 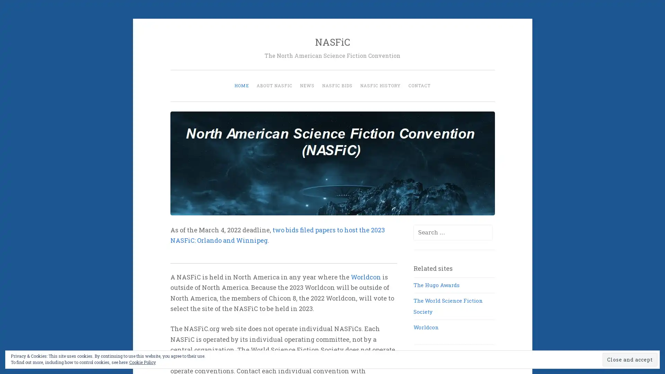 I want to click on Close and accept, so click(x=630, y=359).